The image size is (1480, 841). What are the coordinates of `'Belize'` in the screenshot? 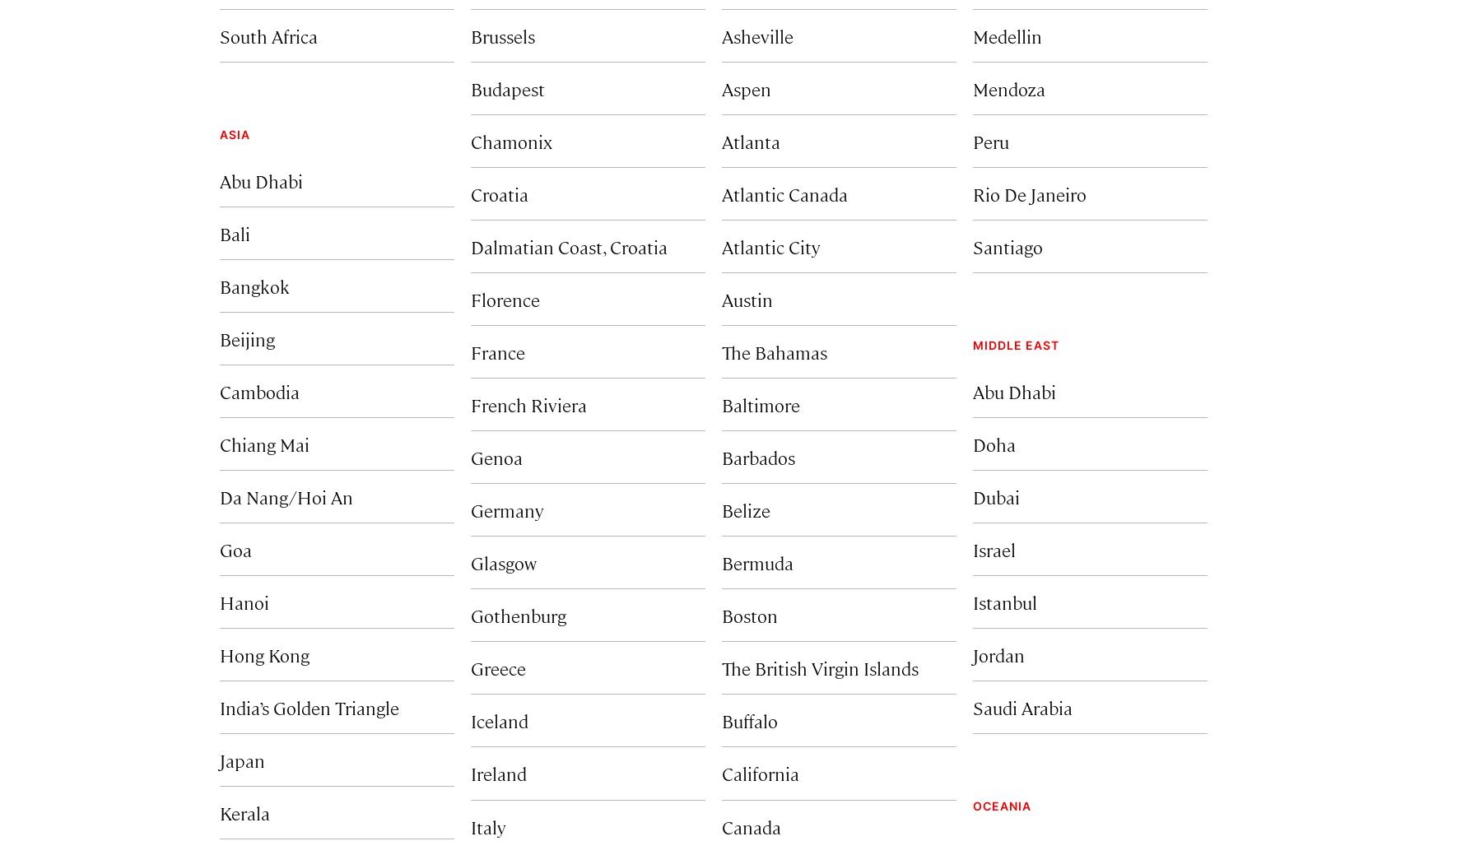 It's located at (745, 509).